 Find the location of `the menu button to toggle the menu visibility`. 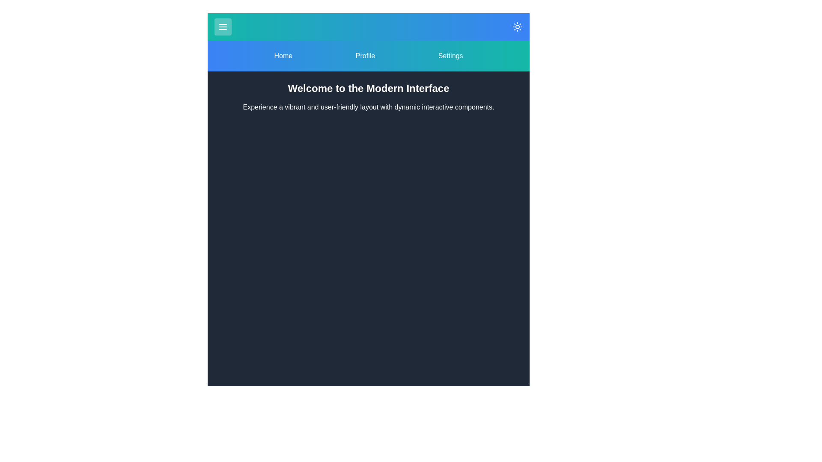

the menu button to toggle the menu visibility is located at coordinates (223, 26).